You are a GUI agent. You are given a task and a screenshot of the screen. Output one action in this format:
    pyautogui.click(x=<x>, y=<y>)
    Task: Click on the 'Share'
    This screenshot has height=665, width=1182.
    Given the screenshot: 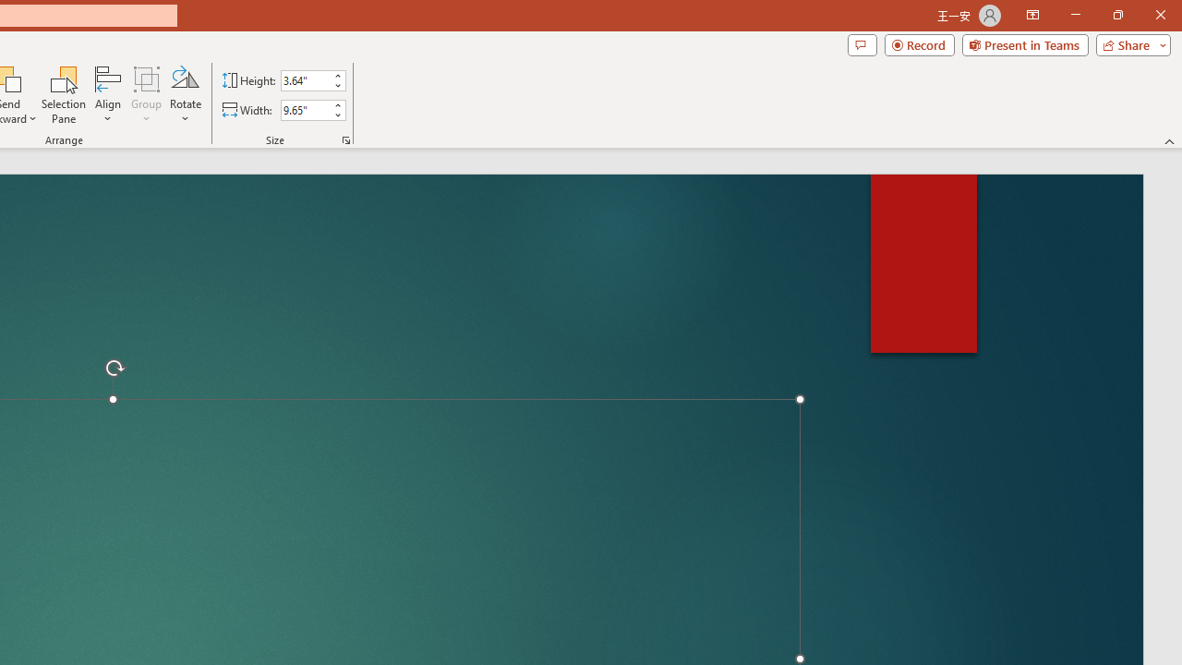 What is the action you would take?
    pyautogui.click(x=1128, y=43)
    